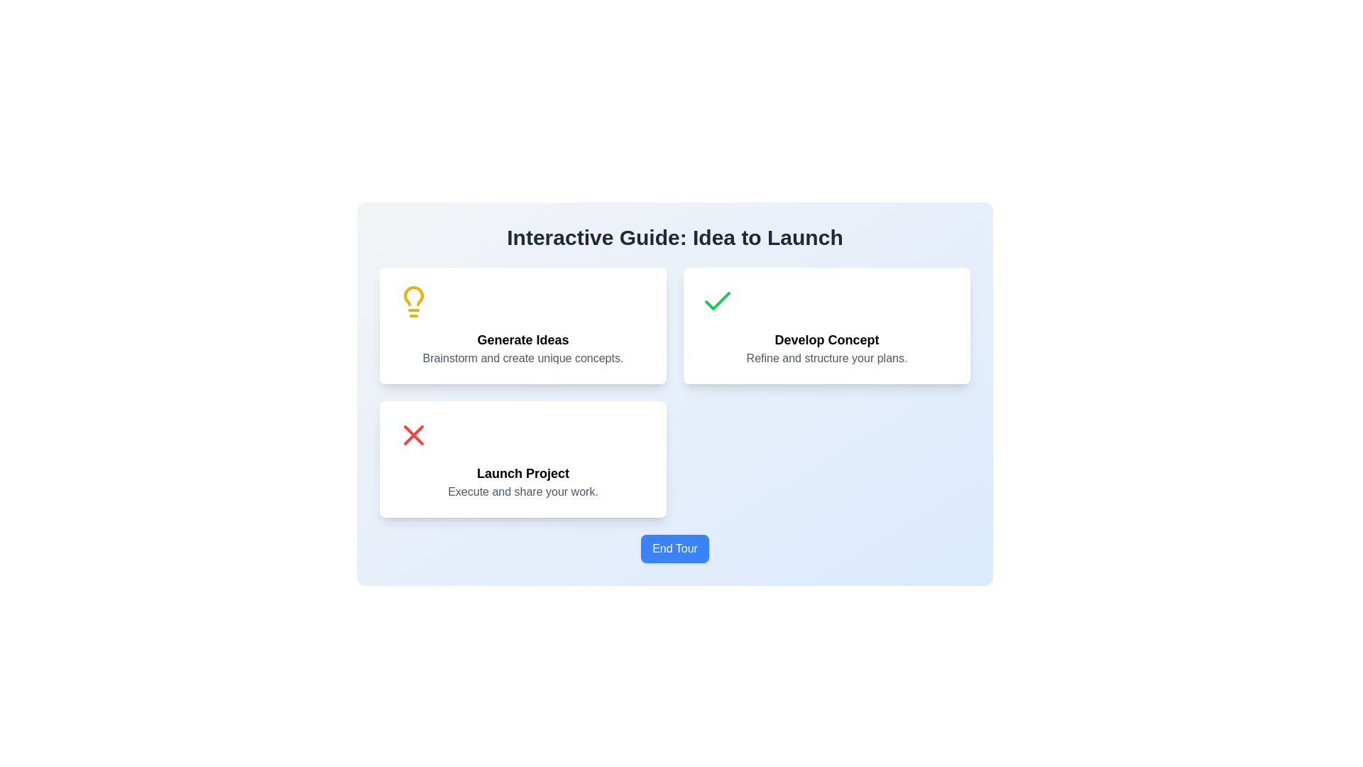 This screenshot has height=767, width=1363. What do you see at coordinates (827, 358) in the screenshot?
I see `the descriptive text label that provides supportive information about the 'Develop Concept' action, located centrally below the main title within the 'Develop Concept' card` at bounding box center [827, 358].